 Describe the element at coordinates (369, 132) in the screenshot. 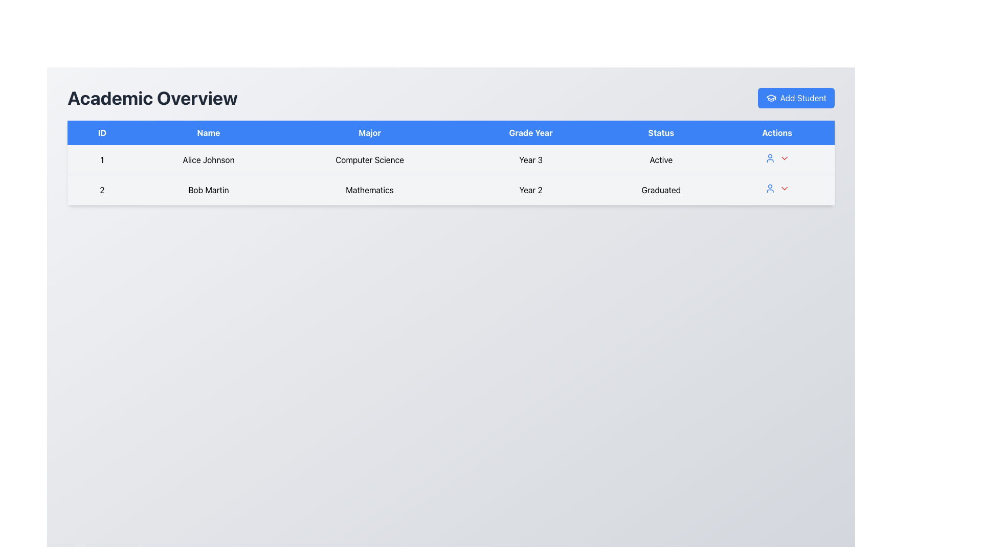

I see `the 'Major' column header in the table, which is located between the 'Name' and 'Grade Year' headers` at that location.